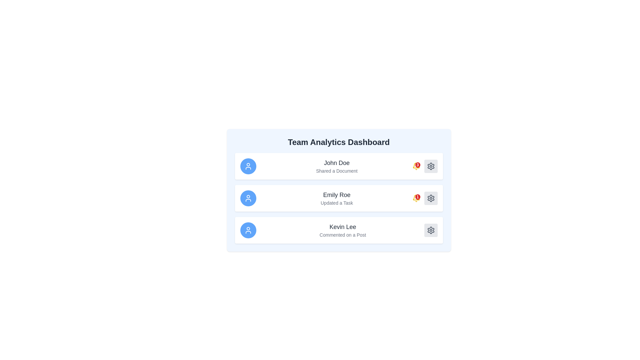 The image size is (640, 360). Describe the element at coordinates (431, 198) in the screenshot. I see `the settings button located in the top-right corner of the row associated with 'John Doe'` at that location.